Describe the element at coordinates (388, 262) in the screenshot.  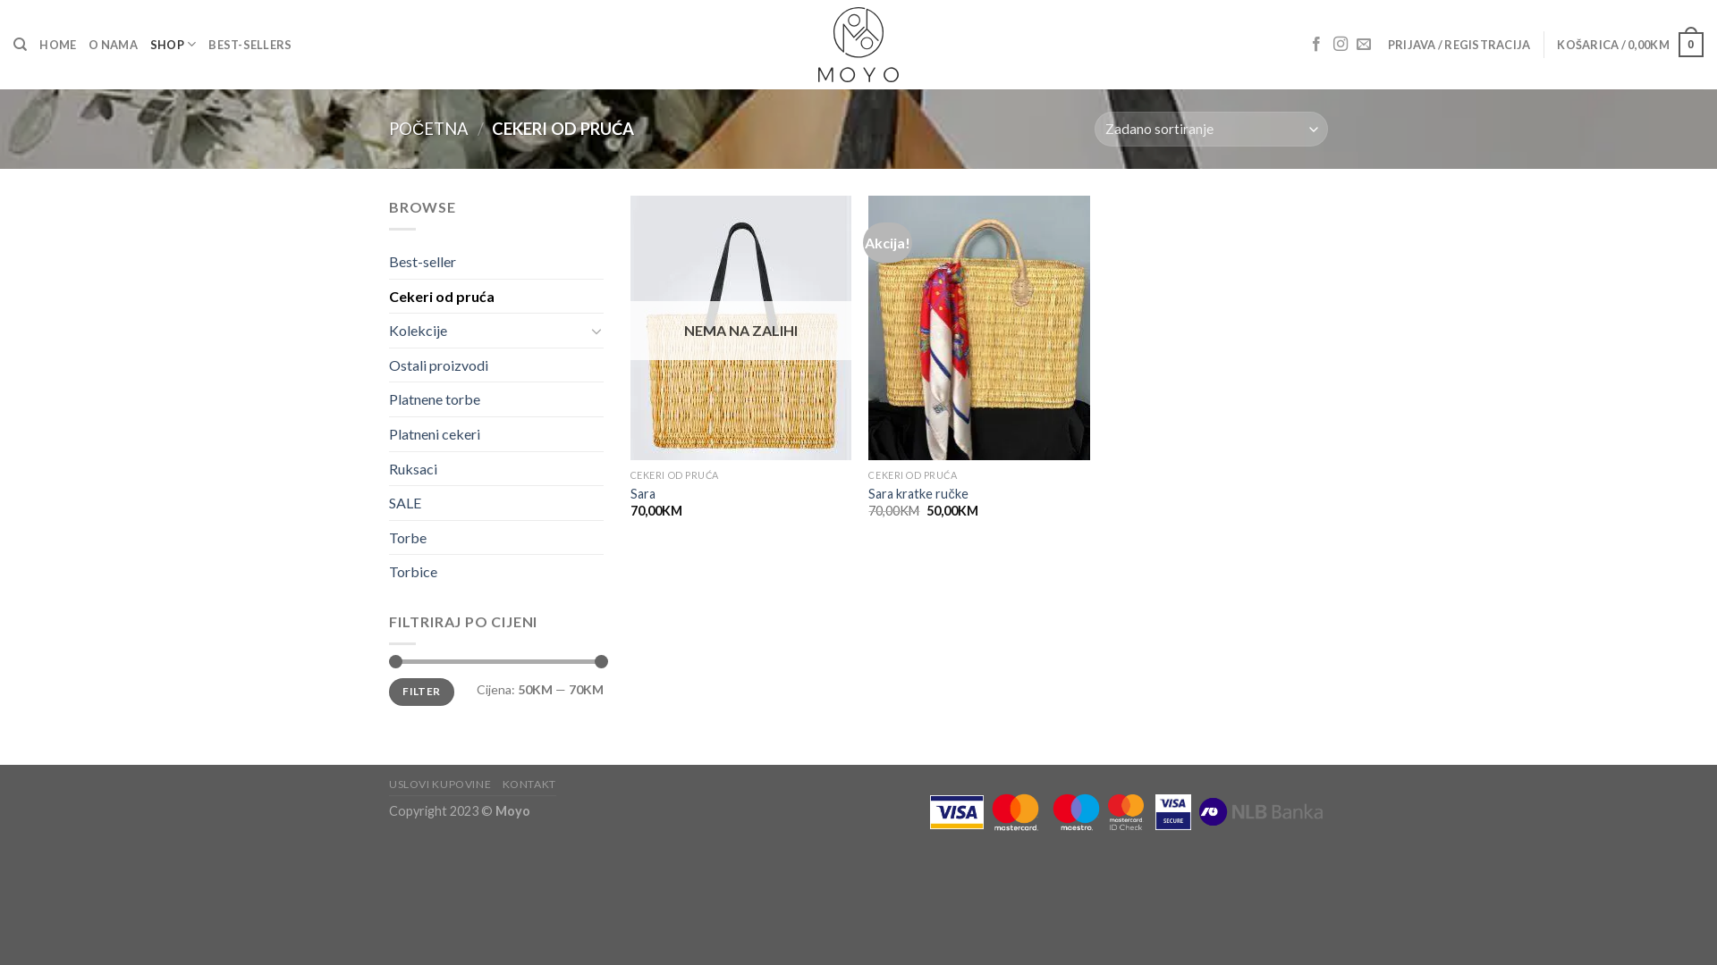
I see `'Best-seller'` at that location.